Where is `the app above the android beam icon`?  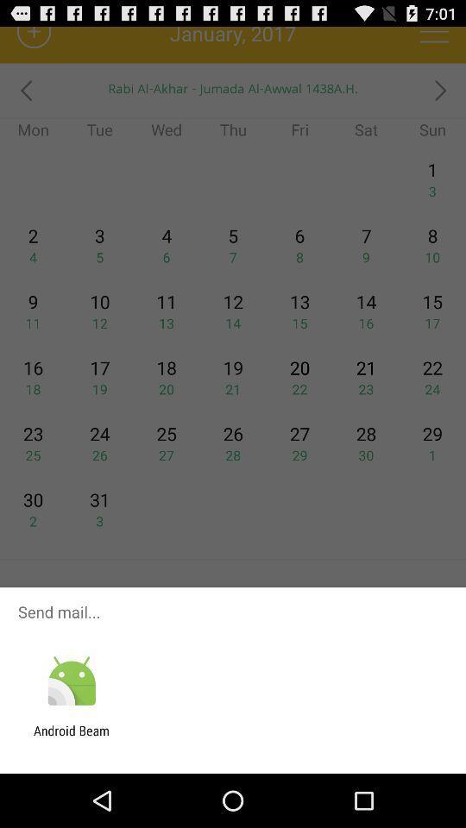
the app above the android beam icon is located at coordinates (71, 681).